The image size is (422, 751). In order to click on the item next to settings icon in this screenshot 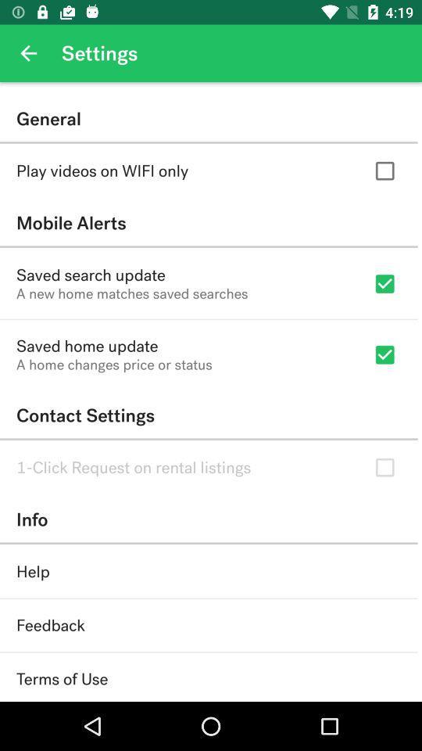, I will do `click(28, 53)`.